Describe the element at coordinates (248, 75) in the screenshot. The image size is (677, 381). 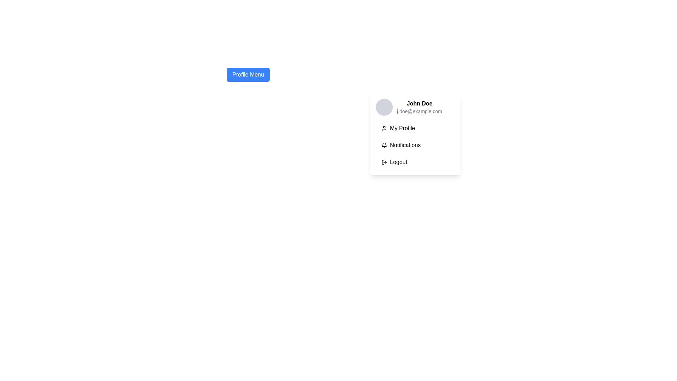
I see `the rectangular 'Profile Menu' button with a blue background and white text` at that location.